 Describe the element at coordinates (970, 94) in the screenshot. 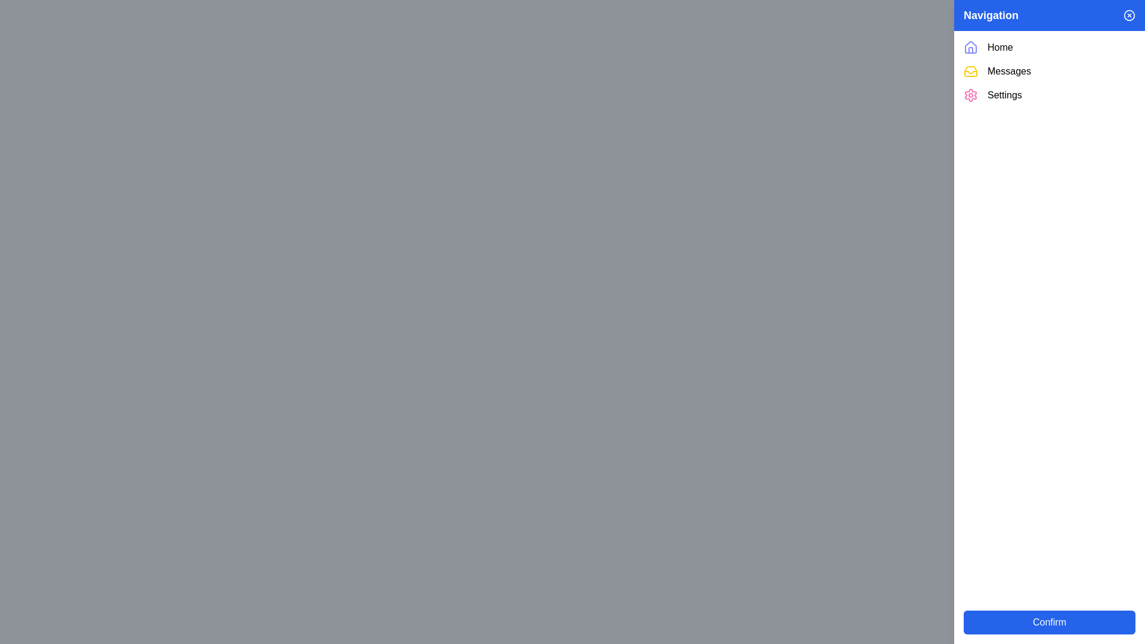

I see `the pink gear icon in the navigation menu` at that location.